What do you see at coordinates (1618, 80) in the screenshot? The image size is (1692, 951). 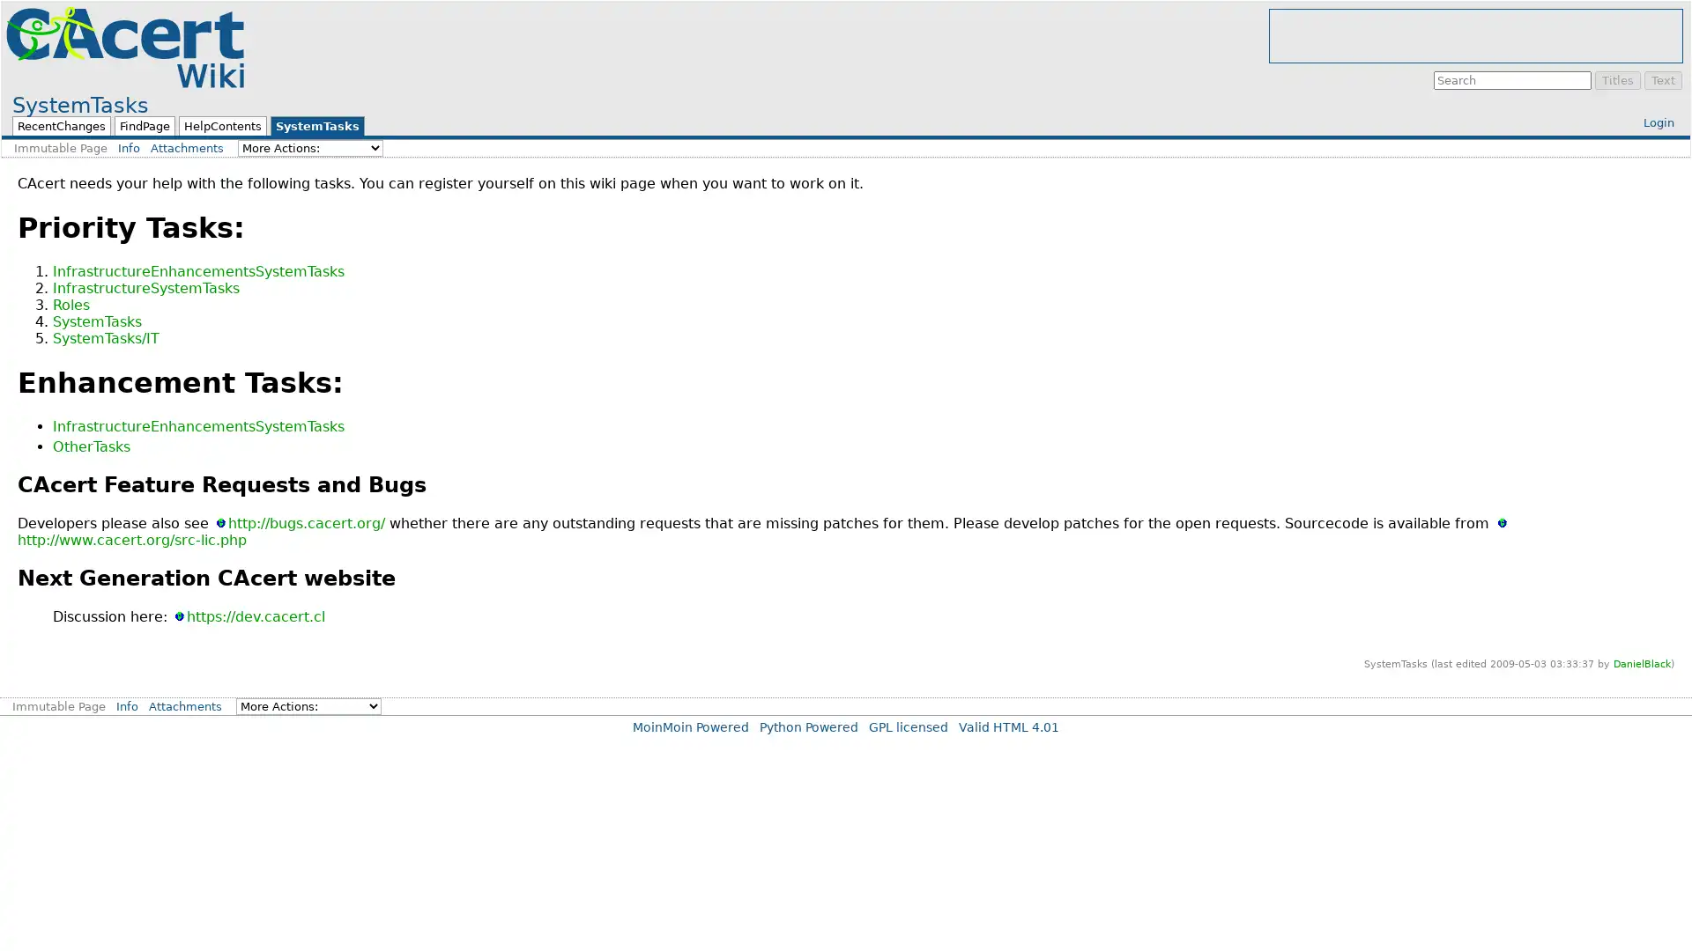 I see `Titles` at bounding box center [1618, 80].